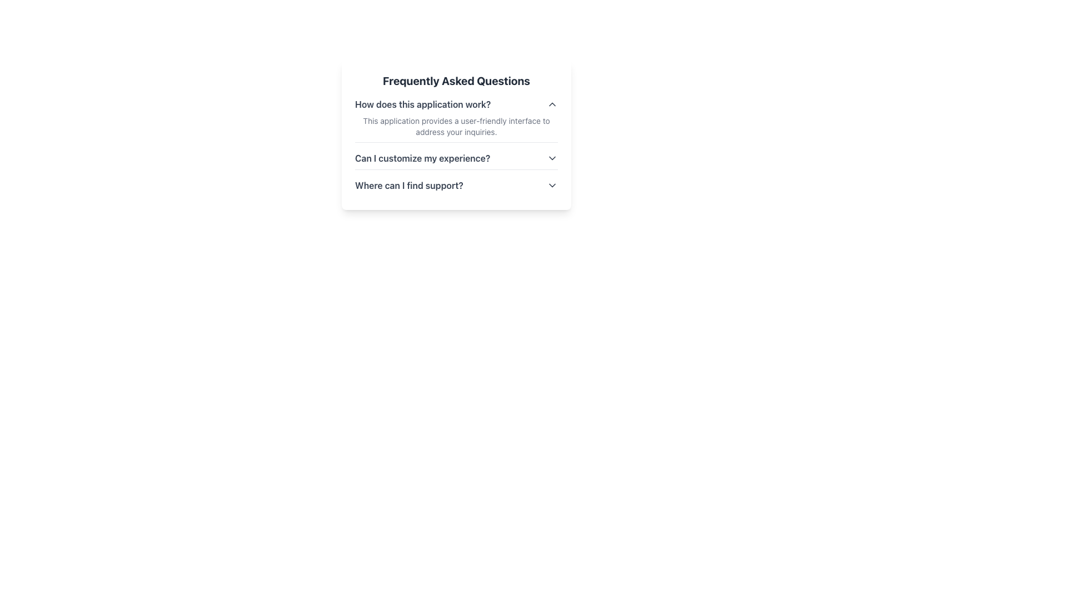  Describe the element at coordinates (456, 120) in the screenshot. I see `the answer text of the first Collapsible question and answer item in the Frequently Asked Questions section, which answers the question 'How does this application work?'` at that location.